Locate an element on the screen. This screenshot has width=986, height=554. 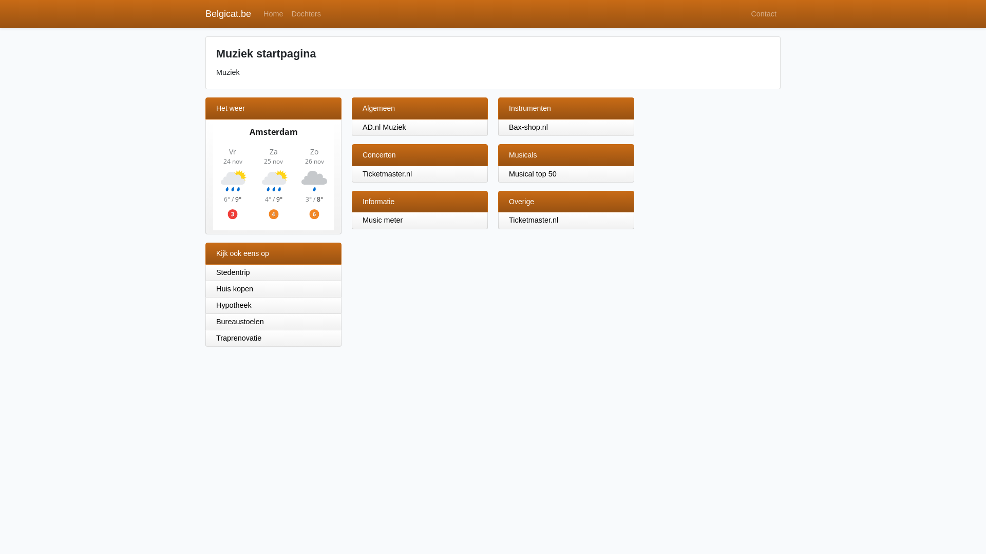
'Bureaustoelen' is located at coordinates (273, 322).